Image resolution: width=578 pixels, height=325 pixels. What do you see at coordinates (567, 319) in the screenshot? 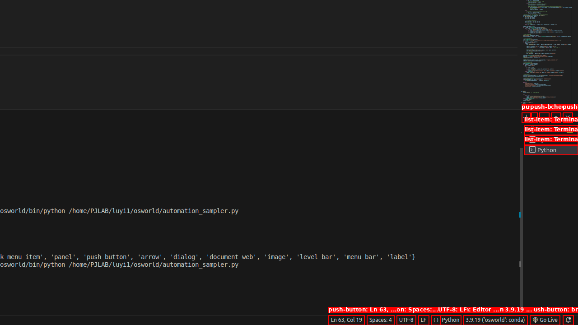
I see `'Notifications'` at bounding box center [567, 319].